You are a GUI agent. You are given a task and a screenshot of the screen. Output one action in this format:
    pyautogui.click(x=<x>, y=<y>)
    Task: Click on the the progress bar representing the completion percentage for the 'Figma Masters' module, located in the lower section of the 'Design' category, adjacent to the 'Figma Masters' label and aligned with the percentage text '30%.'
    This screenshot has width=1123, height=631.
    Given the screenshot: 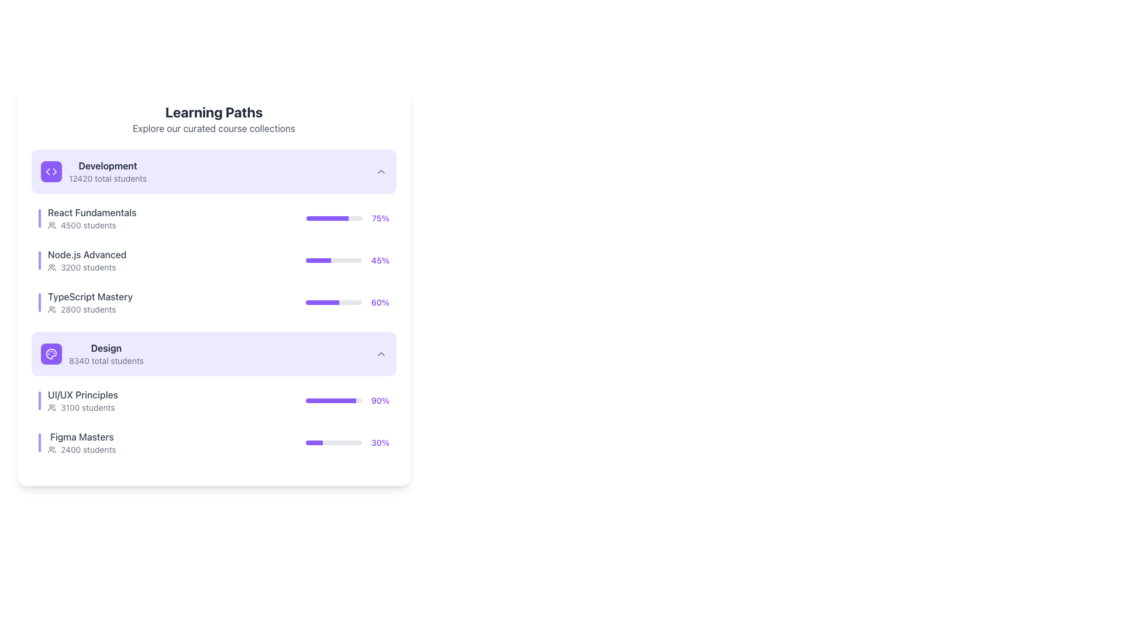 What is the action you would take?
    pyautogui.click(x=333, y=443)
    